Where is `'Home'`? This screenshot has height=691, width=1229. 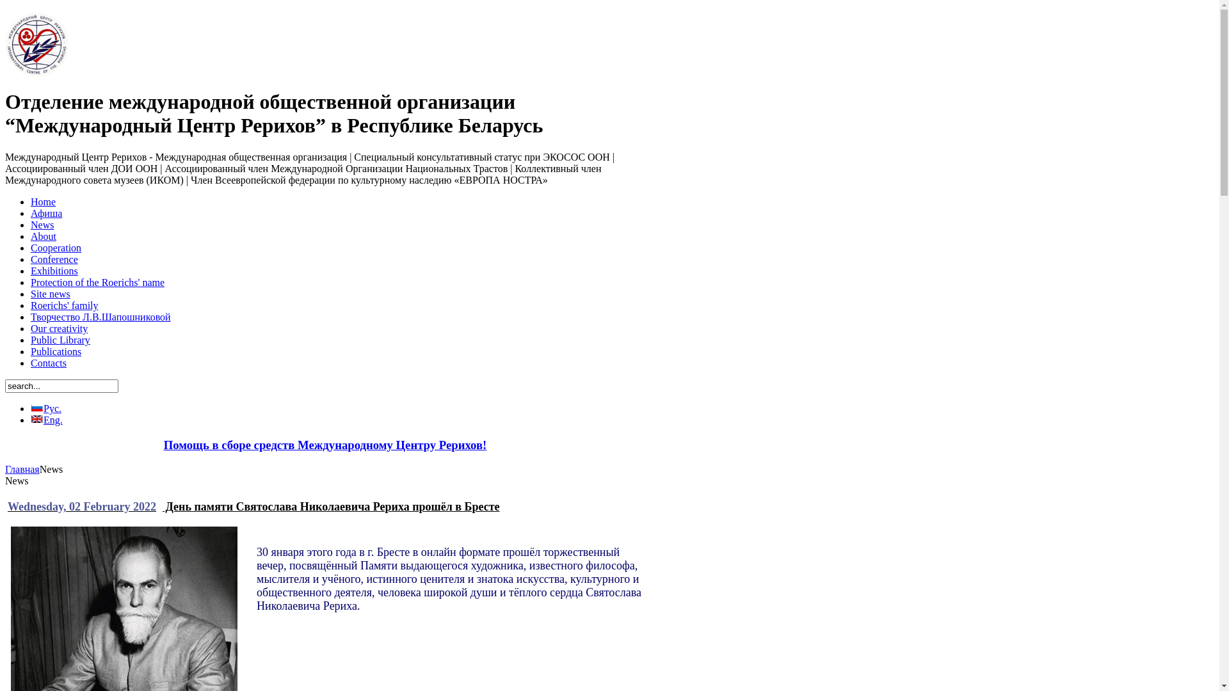
'Home' is located at coordinates (43, 202).